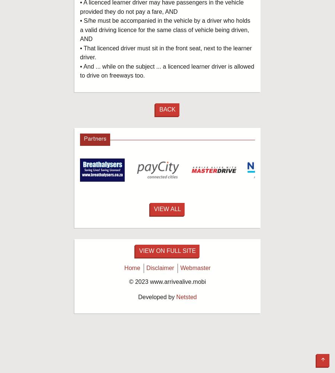 The image size is (335, 373). I want to click on 'View All', so click(154, 209).